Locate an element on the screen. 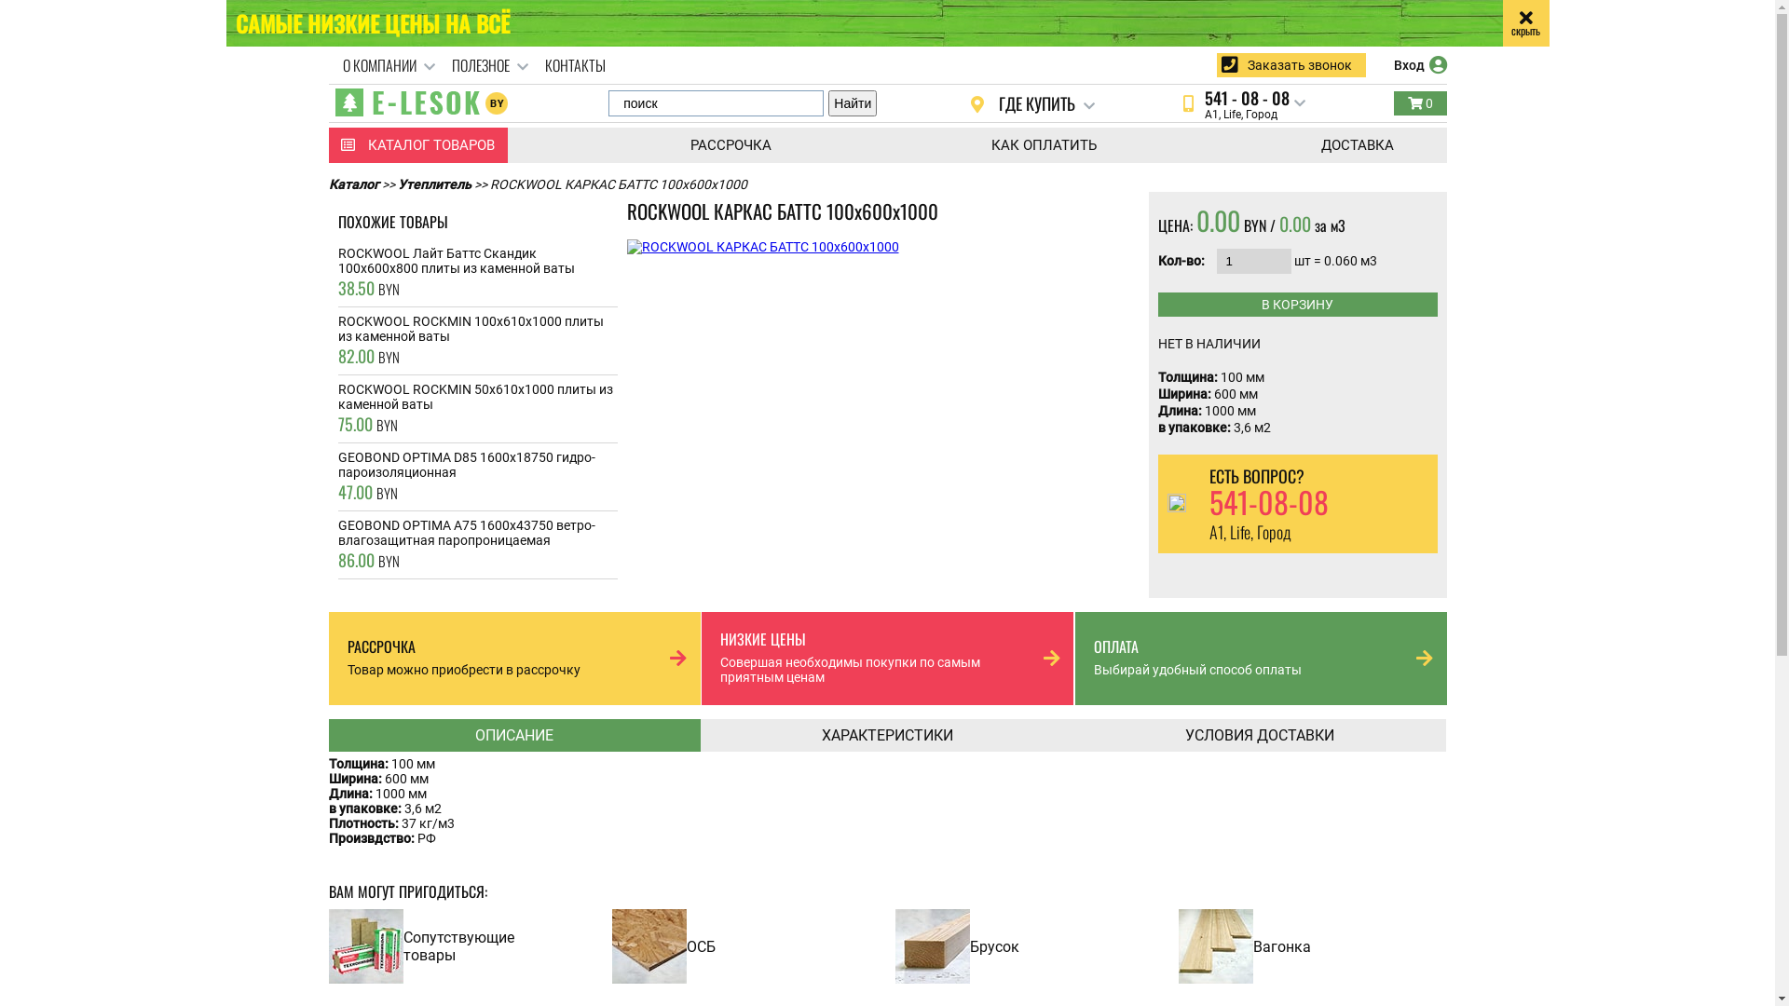 The width and height of the screenshot is (1789, 1006). '0' is located at coordinates (1419, 103).